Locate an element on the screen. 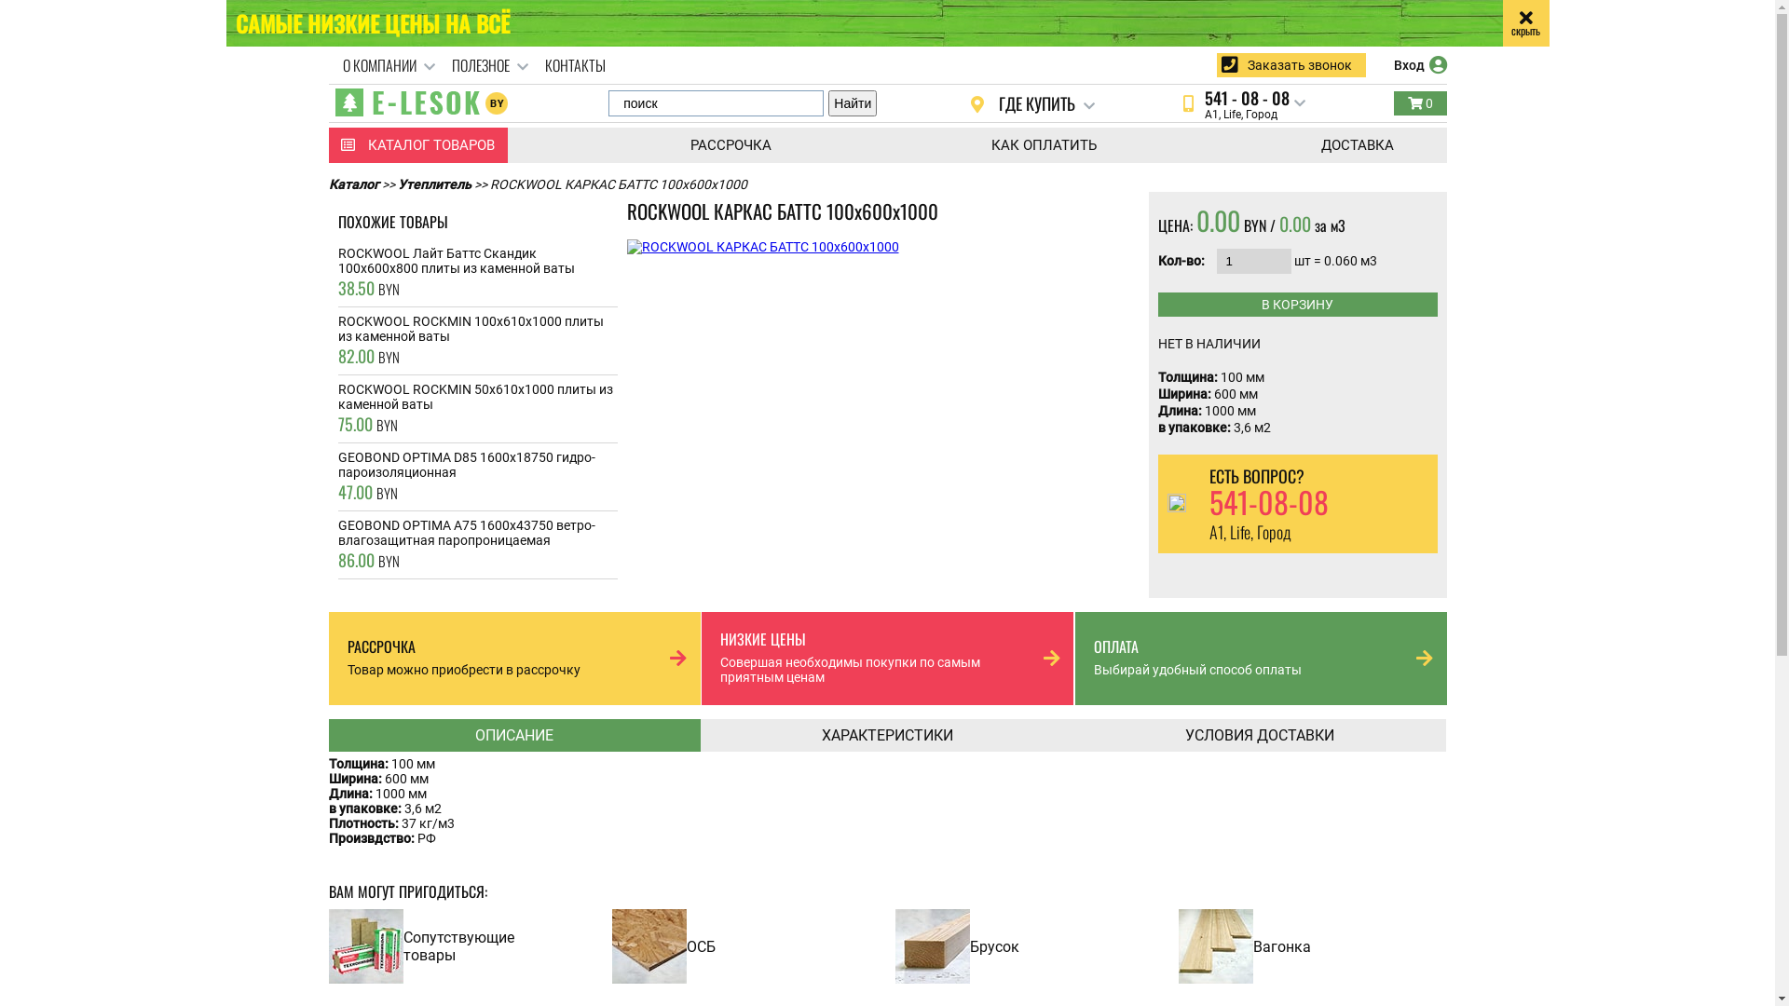 The width and height of the screenshot is (1789, 1006). '0' is located at coordinates (1419, 103).